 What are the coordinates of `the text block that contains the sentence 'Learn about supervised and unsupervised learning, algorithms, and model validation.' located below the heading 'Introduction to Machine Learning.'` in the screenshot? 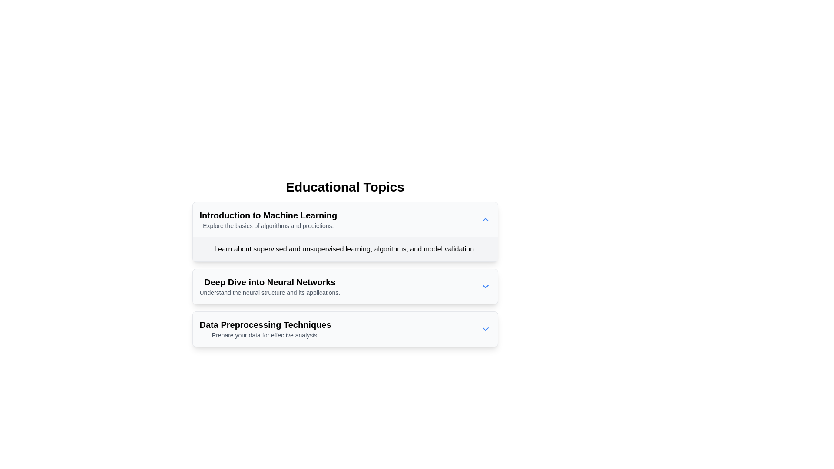 It's located at (344, 249).